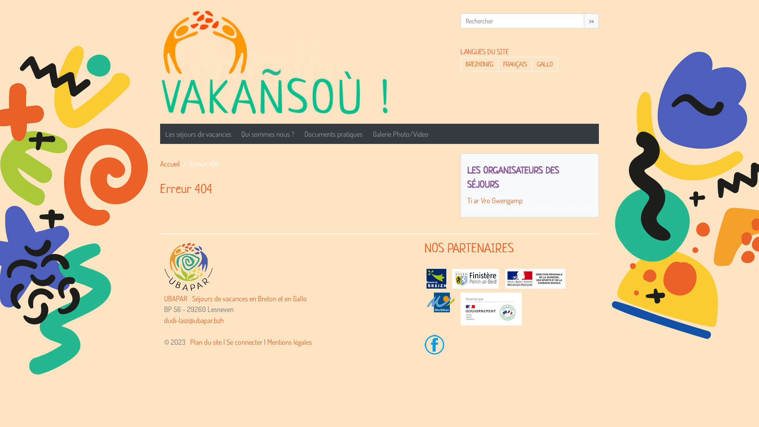 Image resolution: width=759 pixels, height=427 pixels. What do you see at coordinates (268, 134) in the screenshot?
I see `'Qui sommes nous ?'` at bounding box center [268, 134].